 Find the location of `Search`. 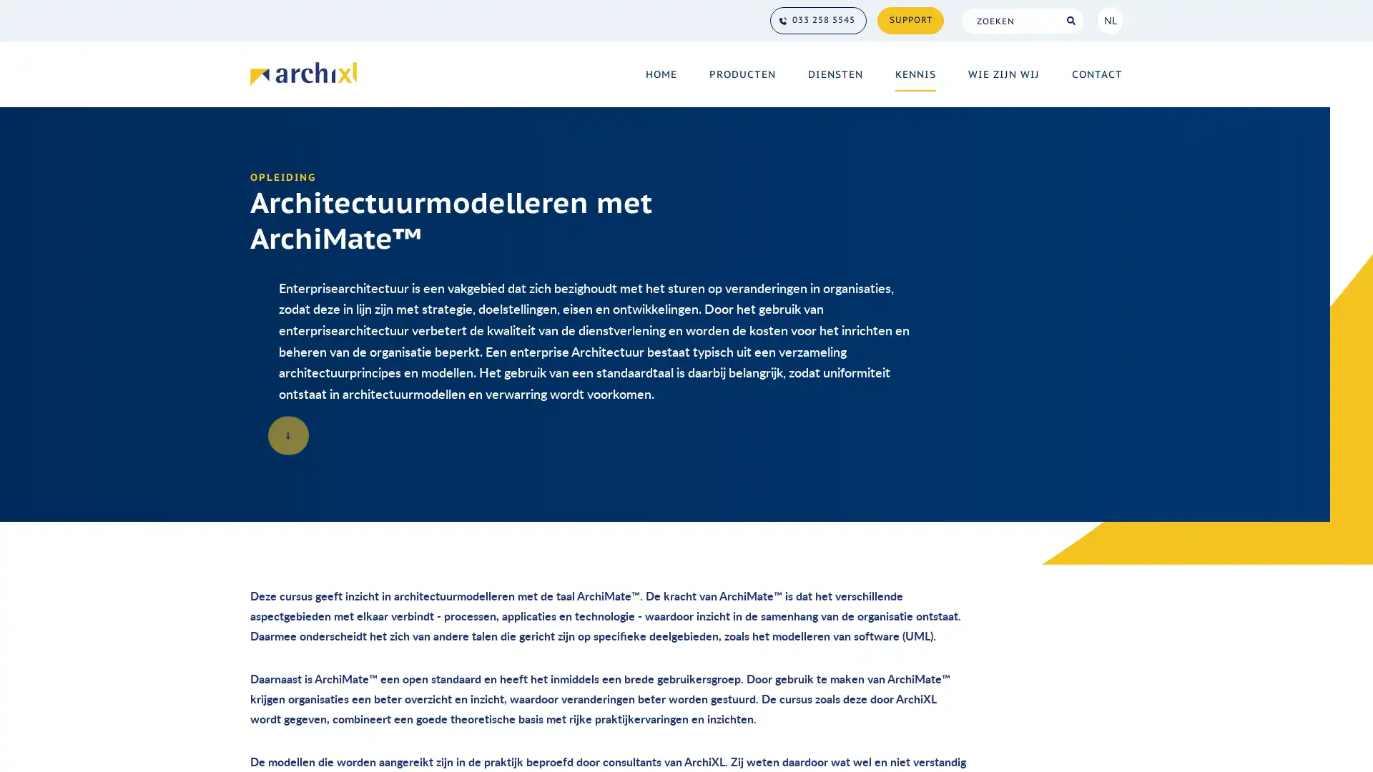

Search is located at coordinates (1071, 20).